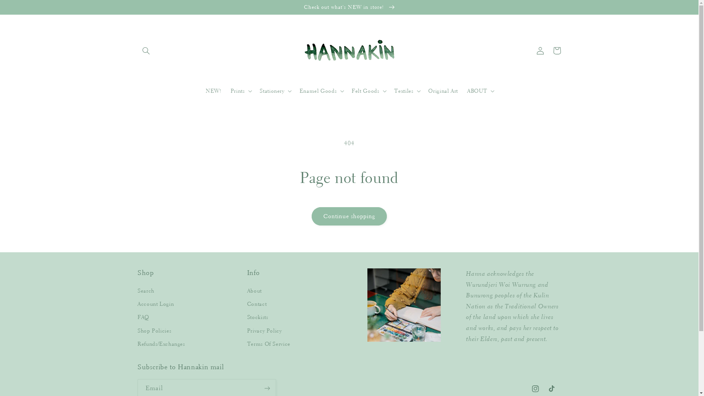 This screenshot has height=396, width=704. Describe the element at coordinates (247, 291) in the screenshot. I see `'About'` at that location.